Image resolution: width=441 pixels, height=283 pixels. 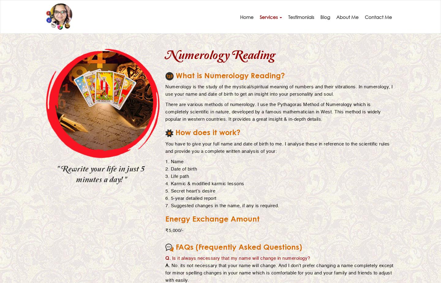 I want to click on 'Q.', so click(x=168, y=258).